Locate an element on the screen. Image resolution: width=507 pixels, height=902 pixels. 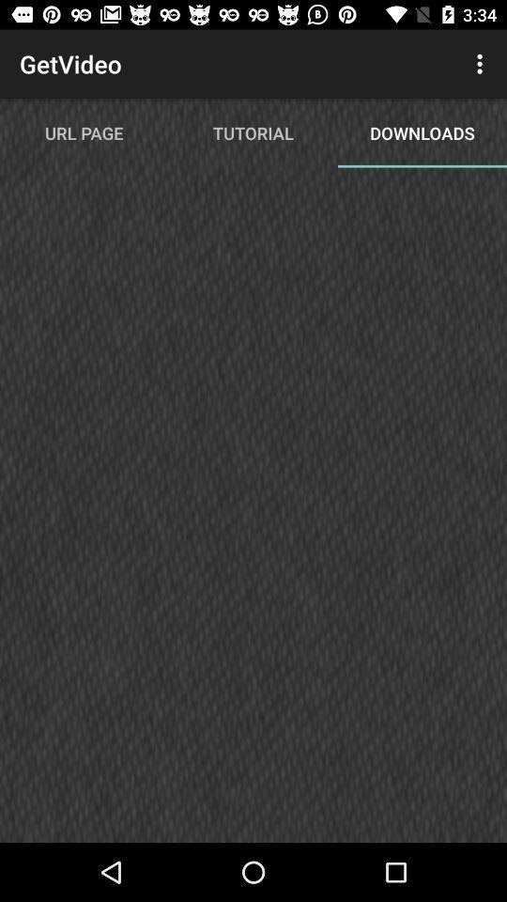
icon at the center is located at coordinates (253, 513).